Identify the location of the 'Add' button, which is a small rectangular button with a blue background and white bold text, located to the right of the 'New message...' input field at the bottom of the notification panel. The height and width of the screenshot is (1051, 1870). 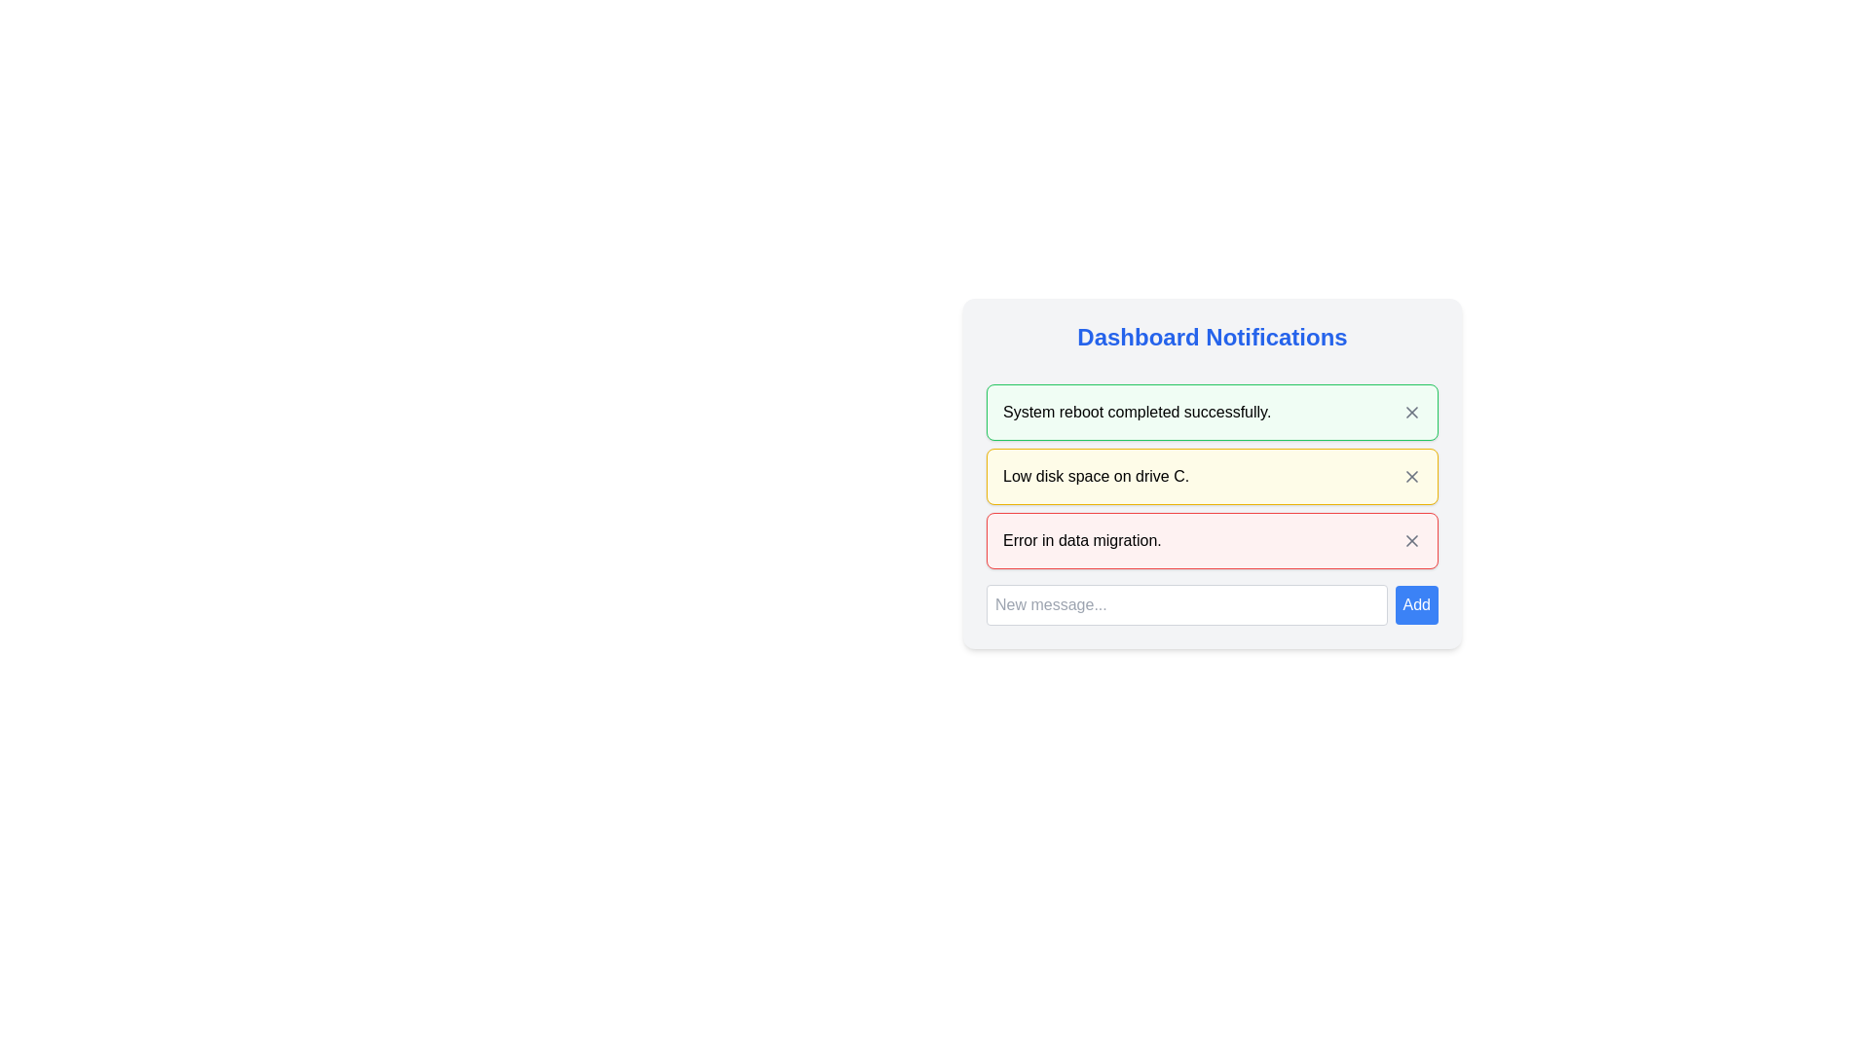
(1416, 603).